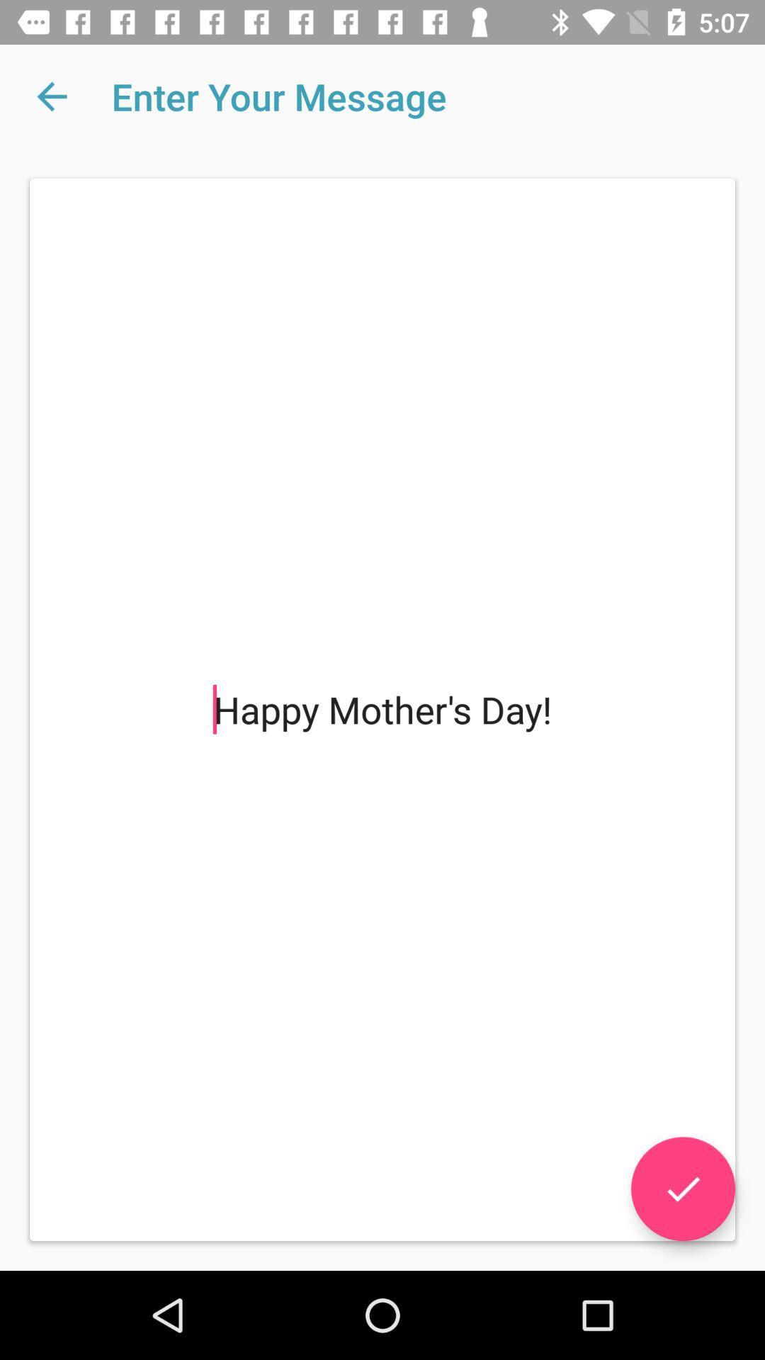  What do you see at coordinates (682, 1189) in the screenshot?
I see `item at the bottom right corner` at bounding box center [682, 1189].